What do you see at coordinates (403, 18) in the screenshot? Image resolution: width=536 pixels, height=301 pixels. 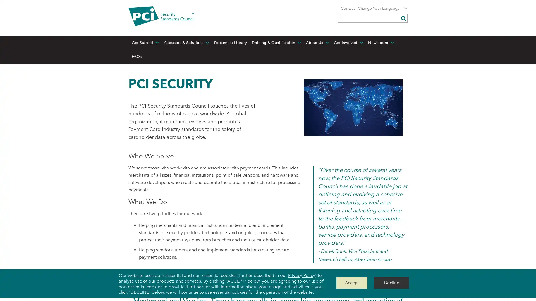 I see `Submit` at bounding box center [403, 18].